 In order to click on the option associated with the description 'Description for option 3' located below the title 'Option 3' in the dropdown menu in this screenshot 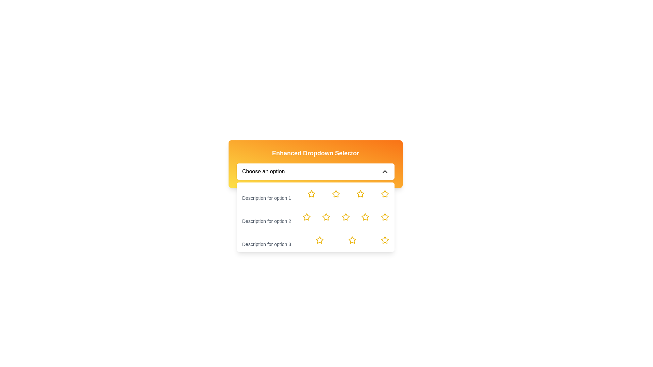, I will do `click(266, 244)`.